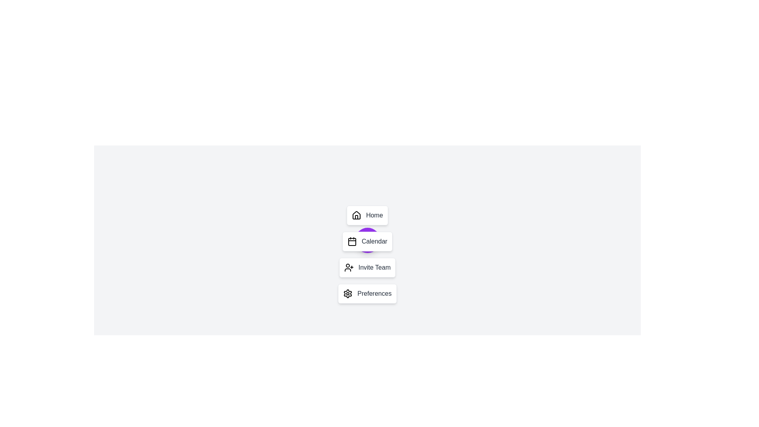  Describe the element at coordinates (367, 255) in the screenshot. I see `the 'Calendar' button in the vertical button group` at that location.